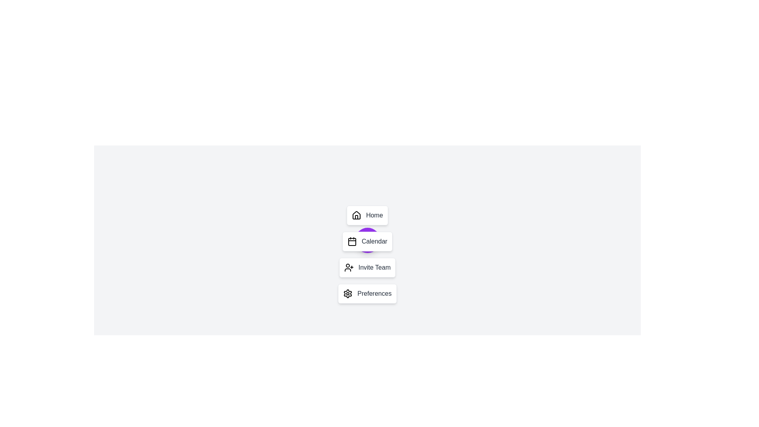  Describe the element at coordinates (367, 255) in the screenshot. I see `the 'Calendar' button in the vertical button group` at that location.